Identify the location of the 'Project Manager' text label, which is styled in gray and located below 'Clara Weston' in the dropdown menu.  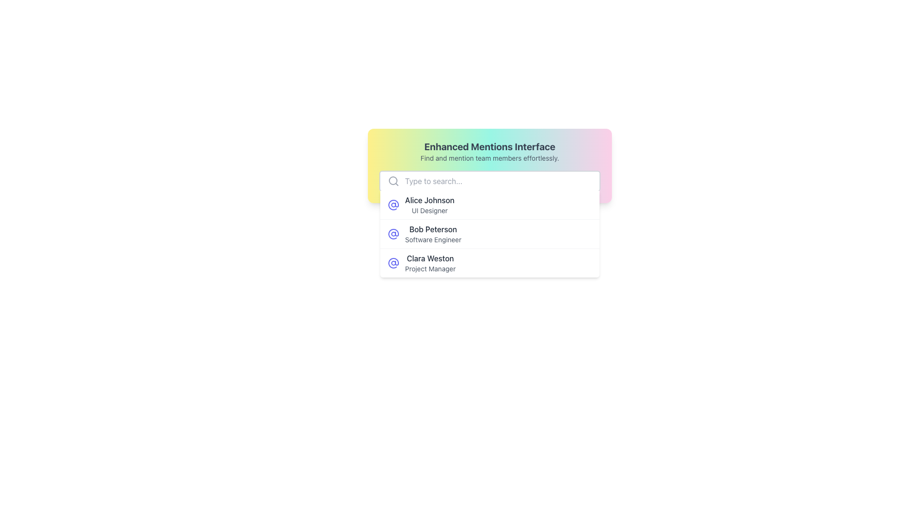
(430, 268).